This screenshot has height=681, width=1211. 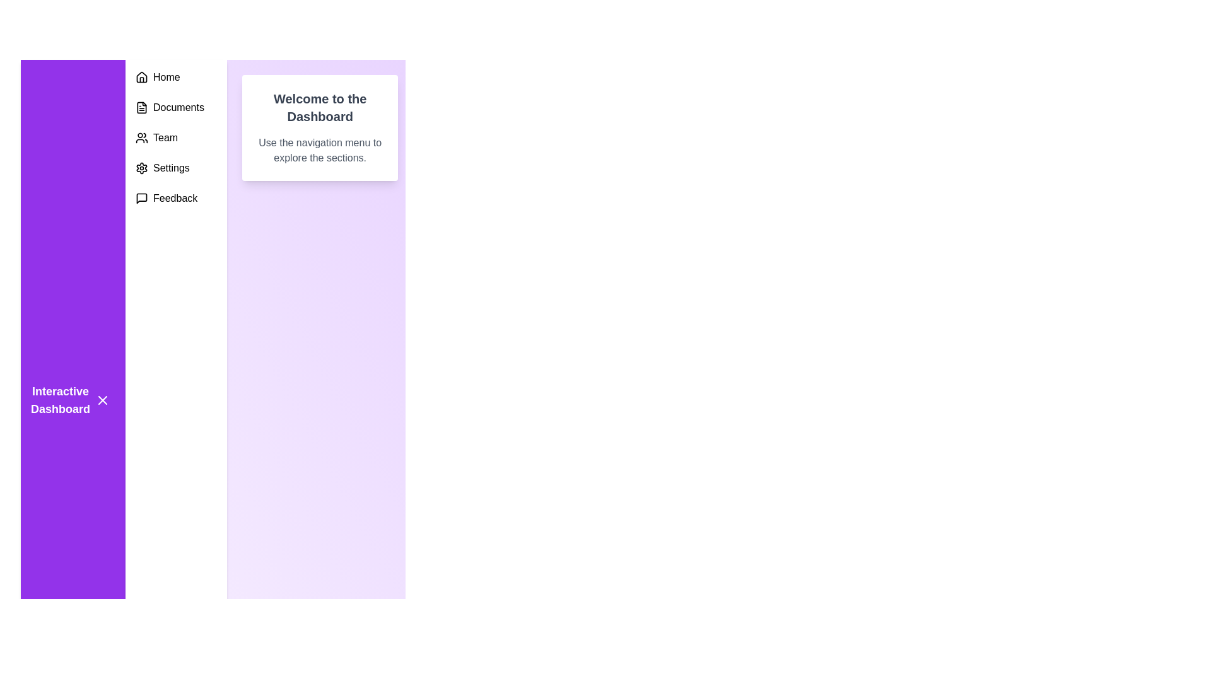 I want to click on the document icon located in the left navigation panel, which has a rectangular base and a folded corner, positioned between the 'Home' icon above and the 'Team' icon below, so click(x=142, y=107).